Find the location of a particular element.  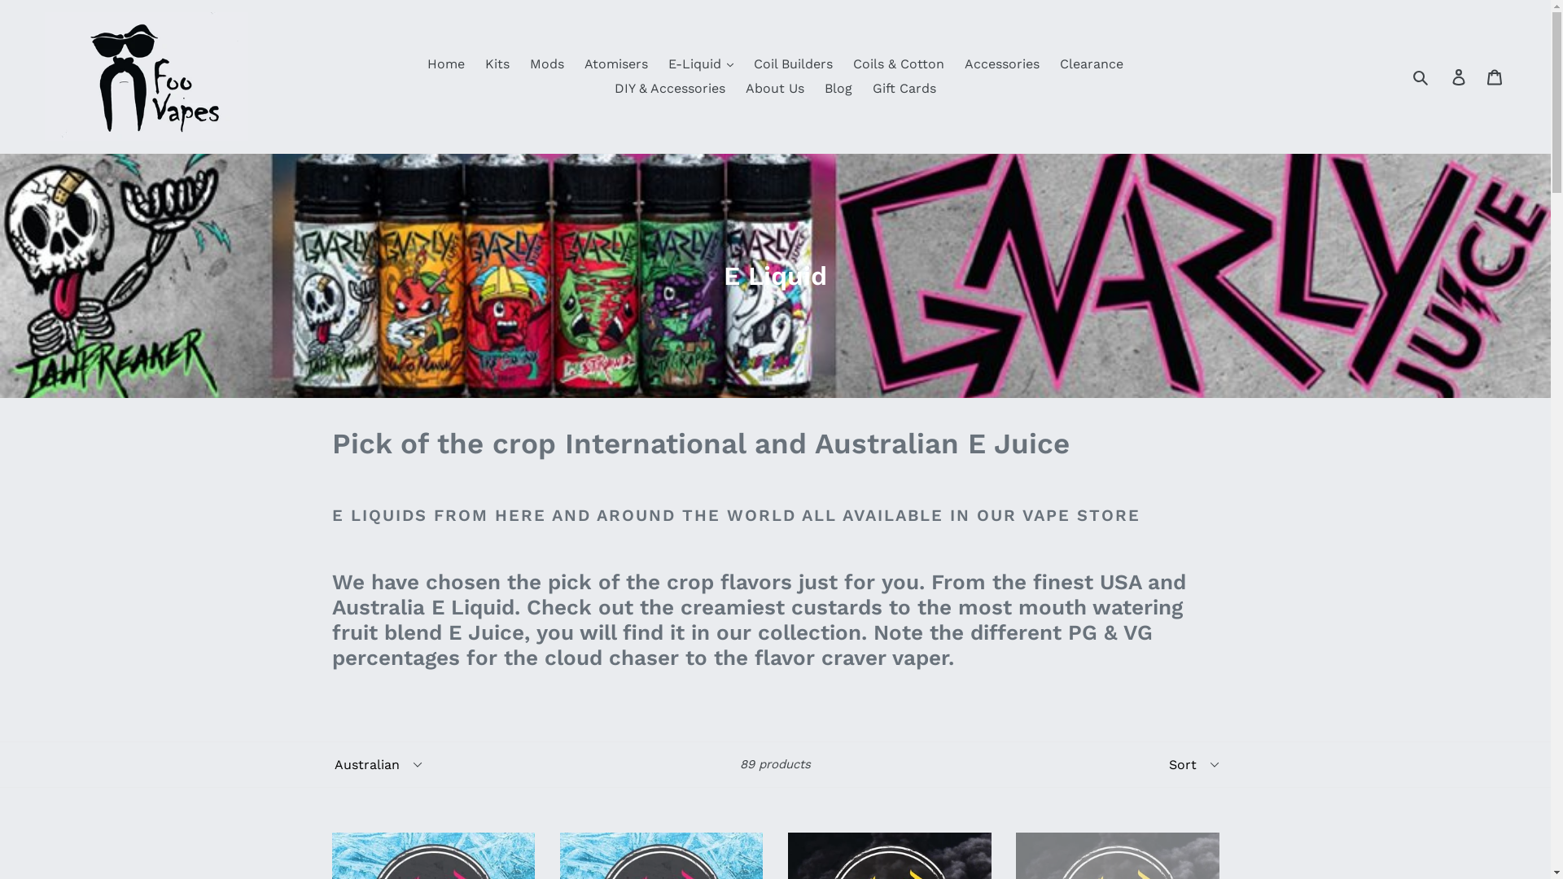

'Kits' is located at coordinates (496, 63).